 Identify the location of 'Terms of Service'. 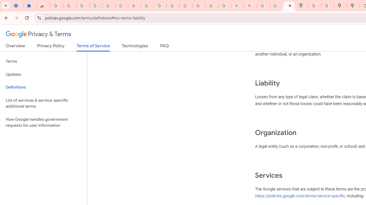
(93, 47).